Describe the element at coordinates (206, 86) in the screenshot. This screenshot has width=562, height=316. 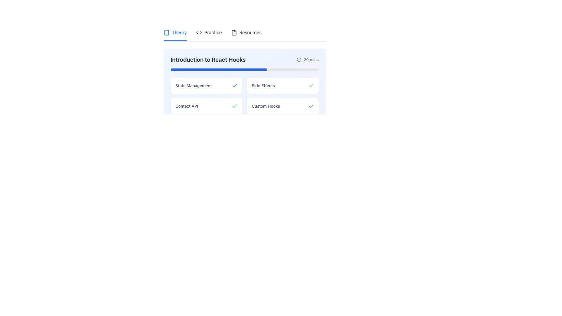
I see `'State Management' label with the green checkmark icon located in the top-left corner of the section below 'Introduction to React Hooks'` at that location.